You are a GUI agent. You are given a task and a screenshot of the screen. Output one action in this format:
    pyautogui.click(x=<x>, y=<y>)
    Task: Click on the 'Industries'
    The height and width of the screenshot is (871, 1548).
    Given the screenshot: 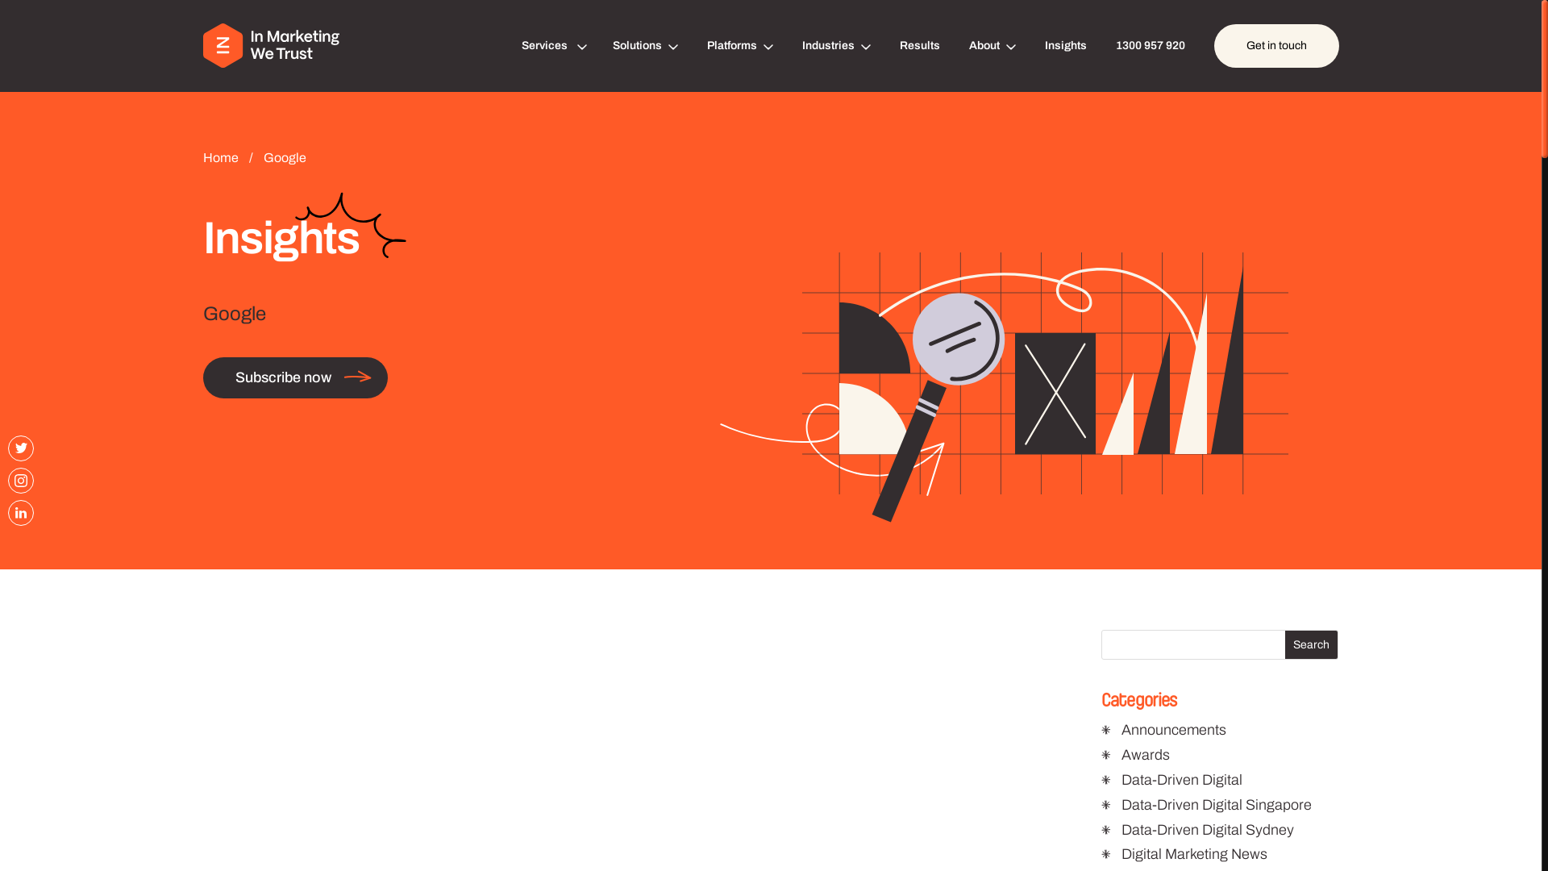 What is the action you would take?
    pyautogui.click(x=801, y=45)
    